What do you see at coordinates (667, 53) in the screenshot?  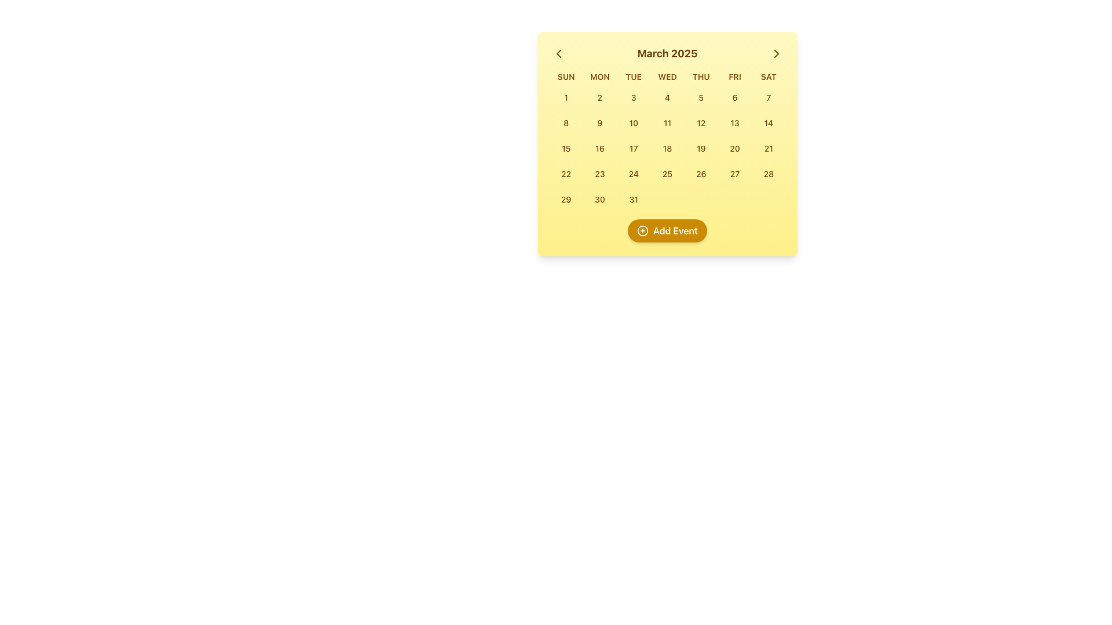 I see `the bold, large-sized text displaying 'March 2025'` at bounding box center [667, 53].